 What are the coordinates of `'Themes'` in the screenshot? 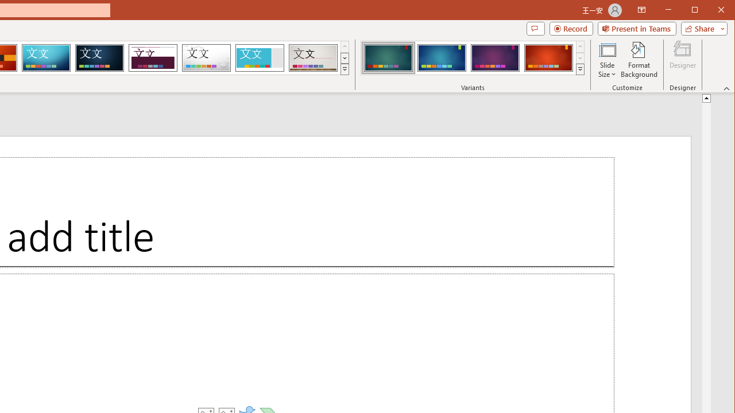 It's located at (344, 69).